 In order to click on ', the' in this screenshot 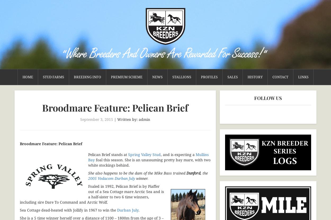, I will do `click(204, 173)`.